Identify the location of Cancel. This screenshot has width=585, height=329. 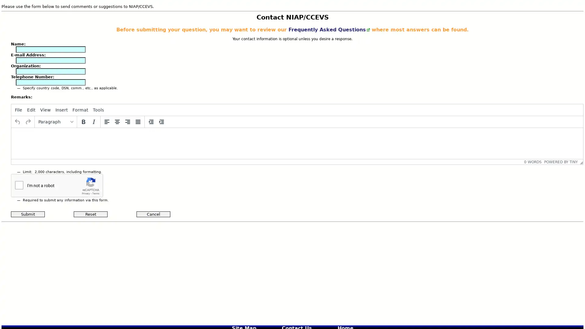
(153, 214).